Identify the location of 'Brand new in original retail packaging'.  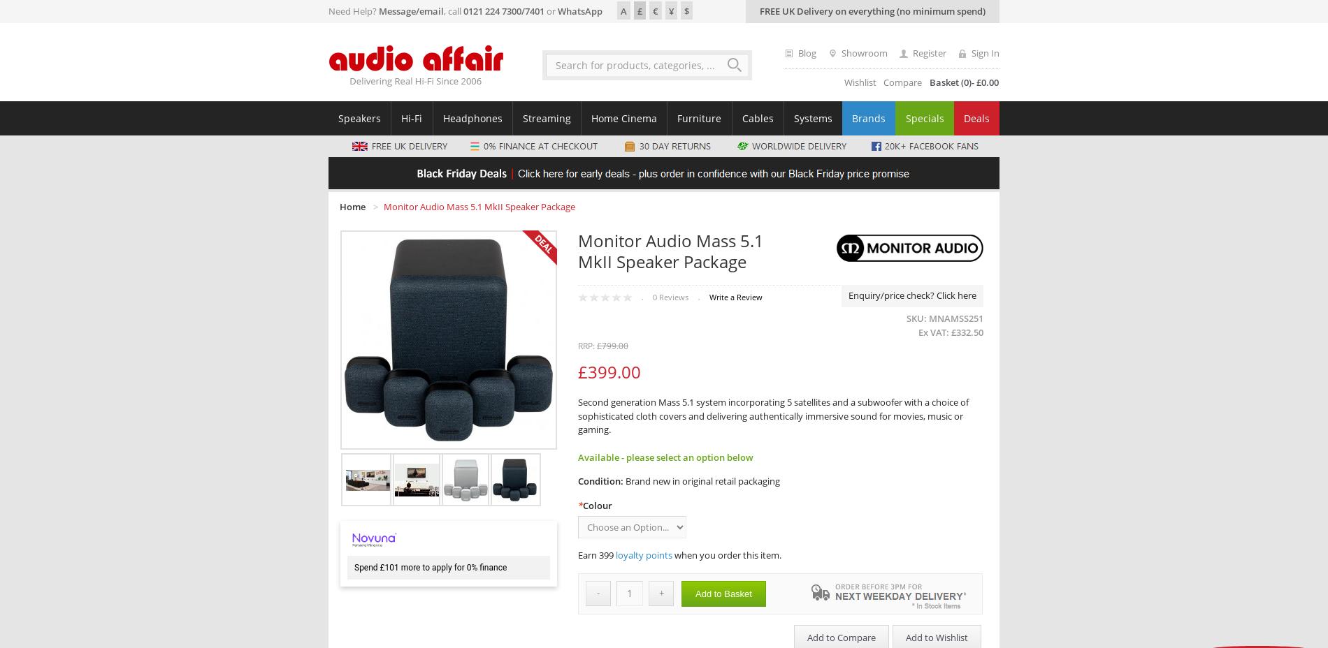
(702, 481).